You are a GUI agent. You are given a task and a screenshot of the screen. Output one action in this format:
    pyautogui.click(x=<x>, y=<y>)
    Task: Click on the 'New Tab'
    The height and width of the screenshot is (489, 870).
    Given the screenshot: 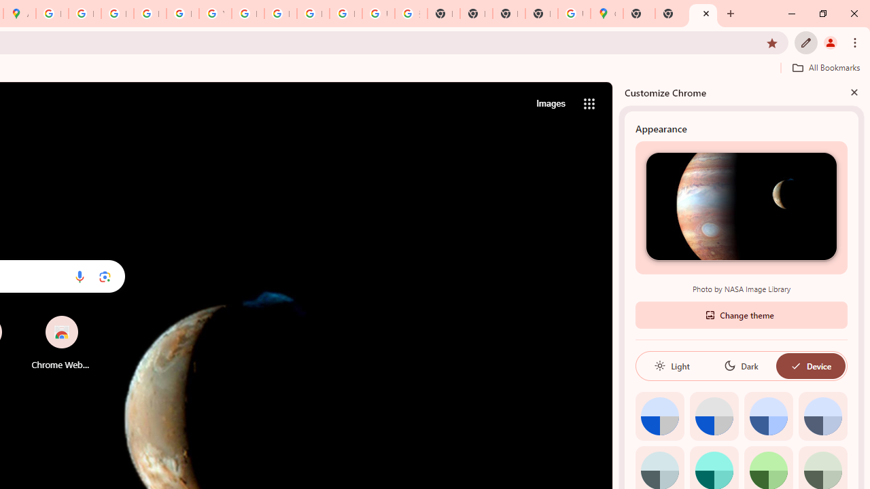 What is the action you would take?
    pyautogui.click(x=671, y=14)
    